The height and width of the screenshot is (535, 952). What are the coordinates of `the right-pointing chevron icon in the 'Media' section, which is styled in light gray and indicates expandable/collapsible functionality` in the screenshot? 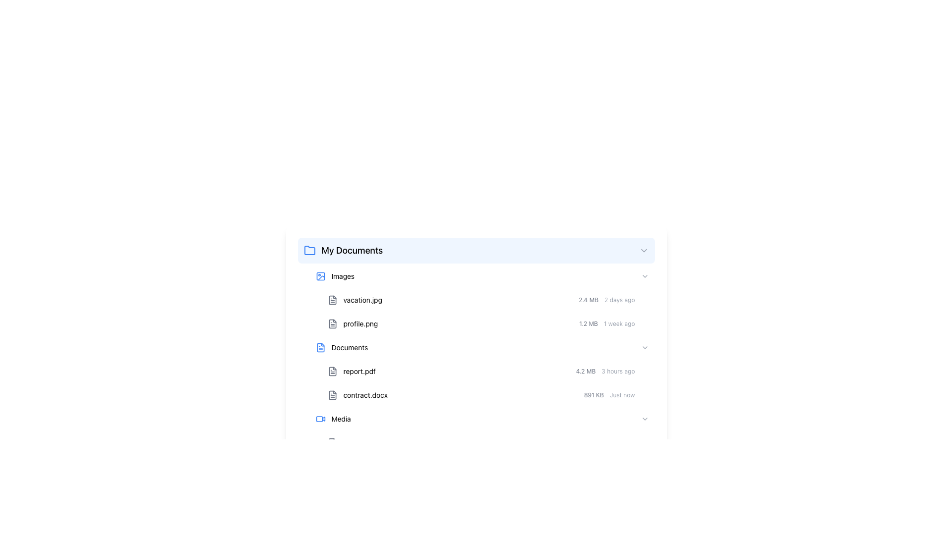 It's located at (645, 419).